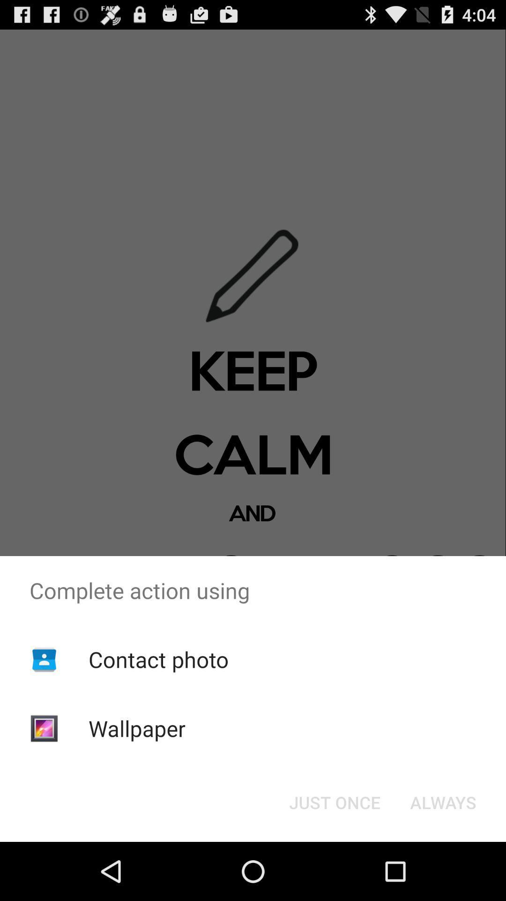 The height and width of the screenshot is (901, 506). What do you see at coordinates (443, 802) in the screenshot?
I see `the icon next to just once icon` at bounding box center [443, 802].